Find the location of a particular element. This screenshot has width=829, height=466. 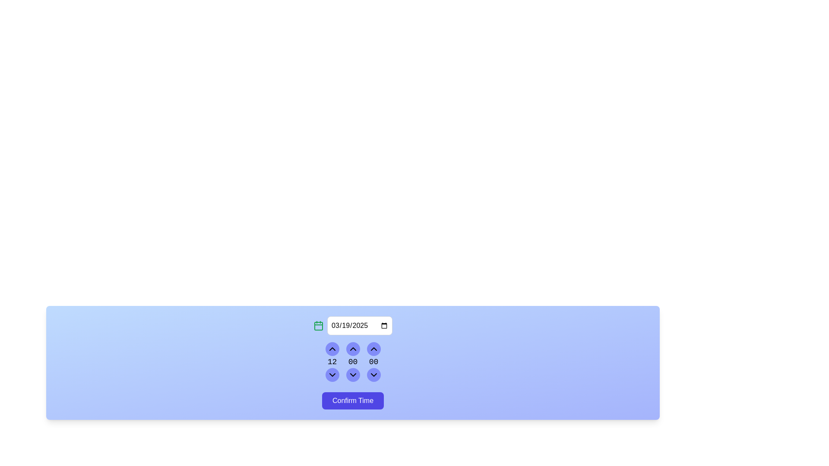

the rounded rectangle icon inside the calendar icon located on the left side of the date input field labeled '03/19/2025' is located at coordinates (318, 326).